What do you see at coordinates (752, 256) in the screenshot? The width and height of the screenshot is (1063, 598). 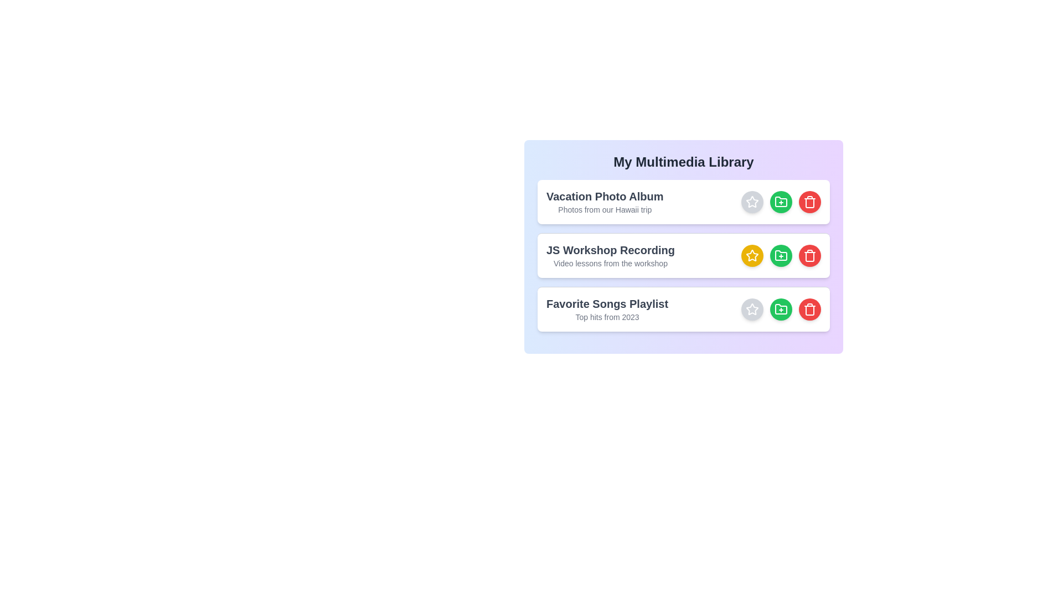 I see `the star icon located to the right of the text 'JS Workshop Recording' in the second list item to mark it as favorite` at bounding box center [752, 256].